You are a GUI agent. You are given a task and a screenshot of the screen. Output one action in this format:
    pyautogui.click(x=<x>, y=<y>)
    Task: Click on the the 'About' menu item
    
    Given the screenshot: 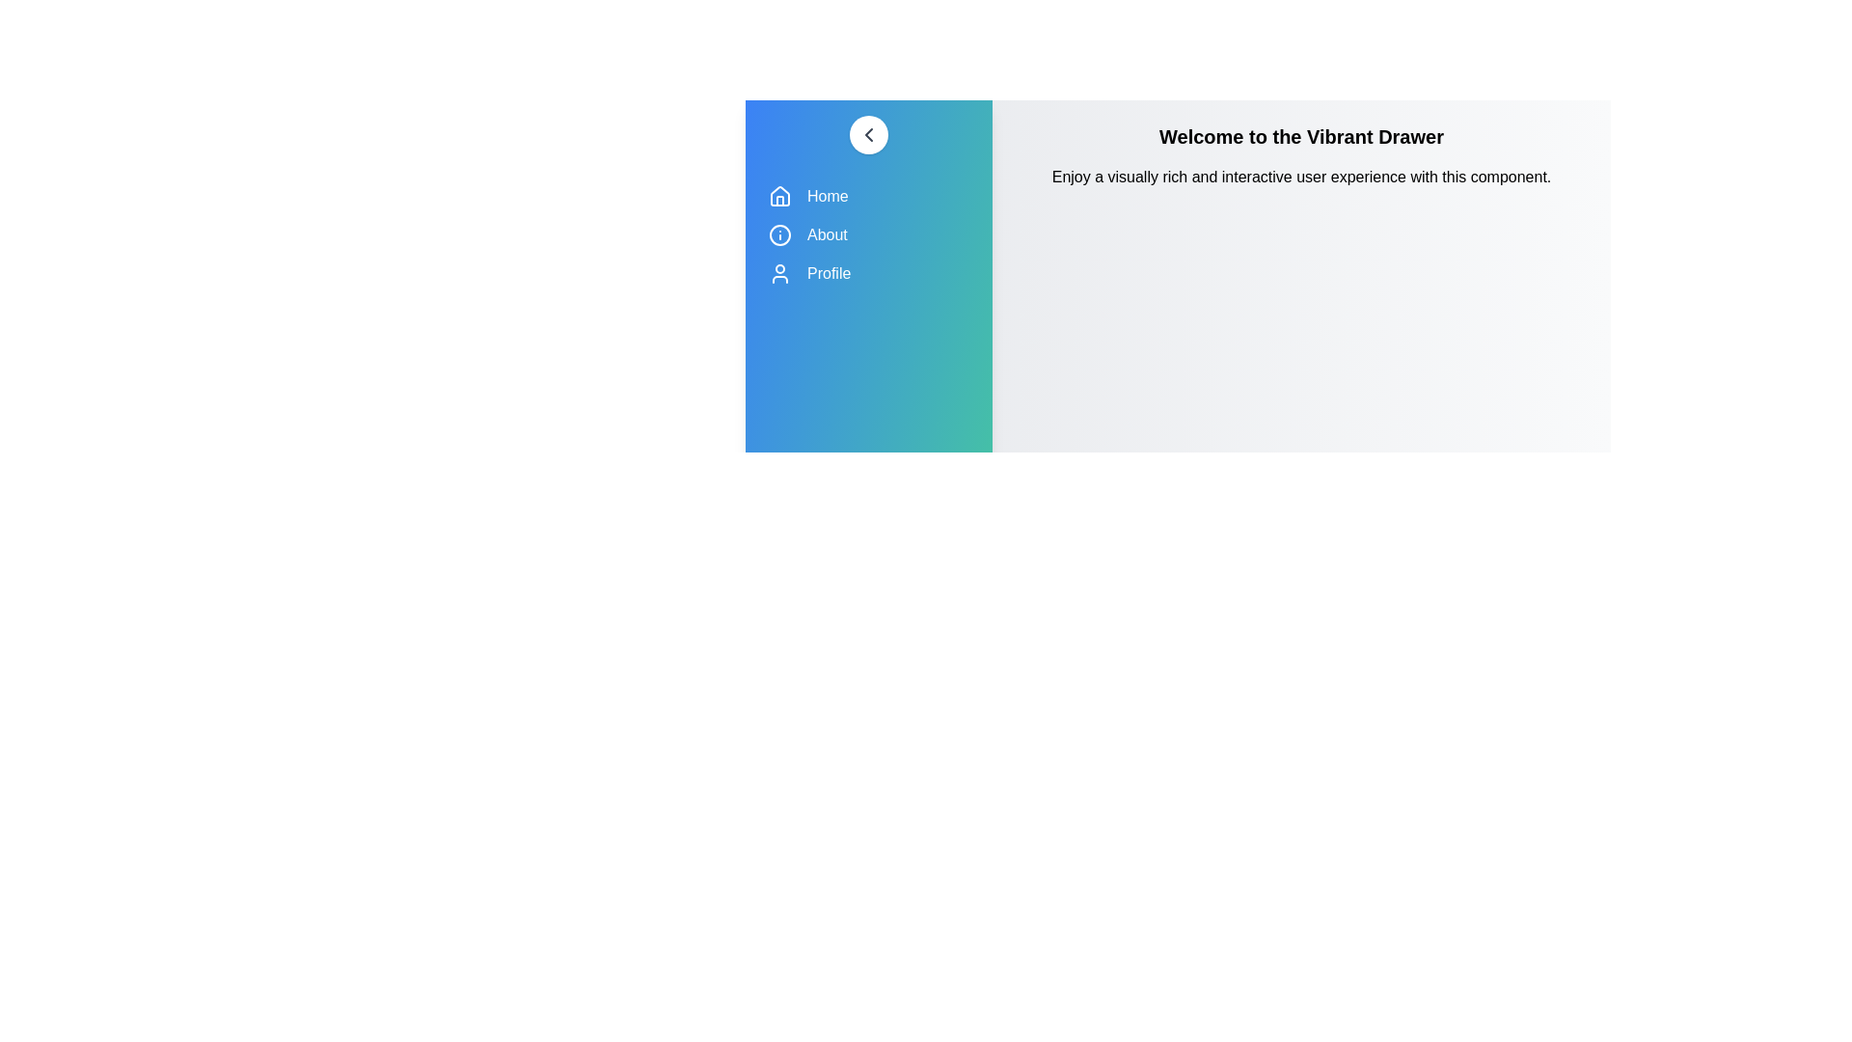 What is the action you would take?
    pyautogui.click(x=868, y=233)
    